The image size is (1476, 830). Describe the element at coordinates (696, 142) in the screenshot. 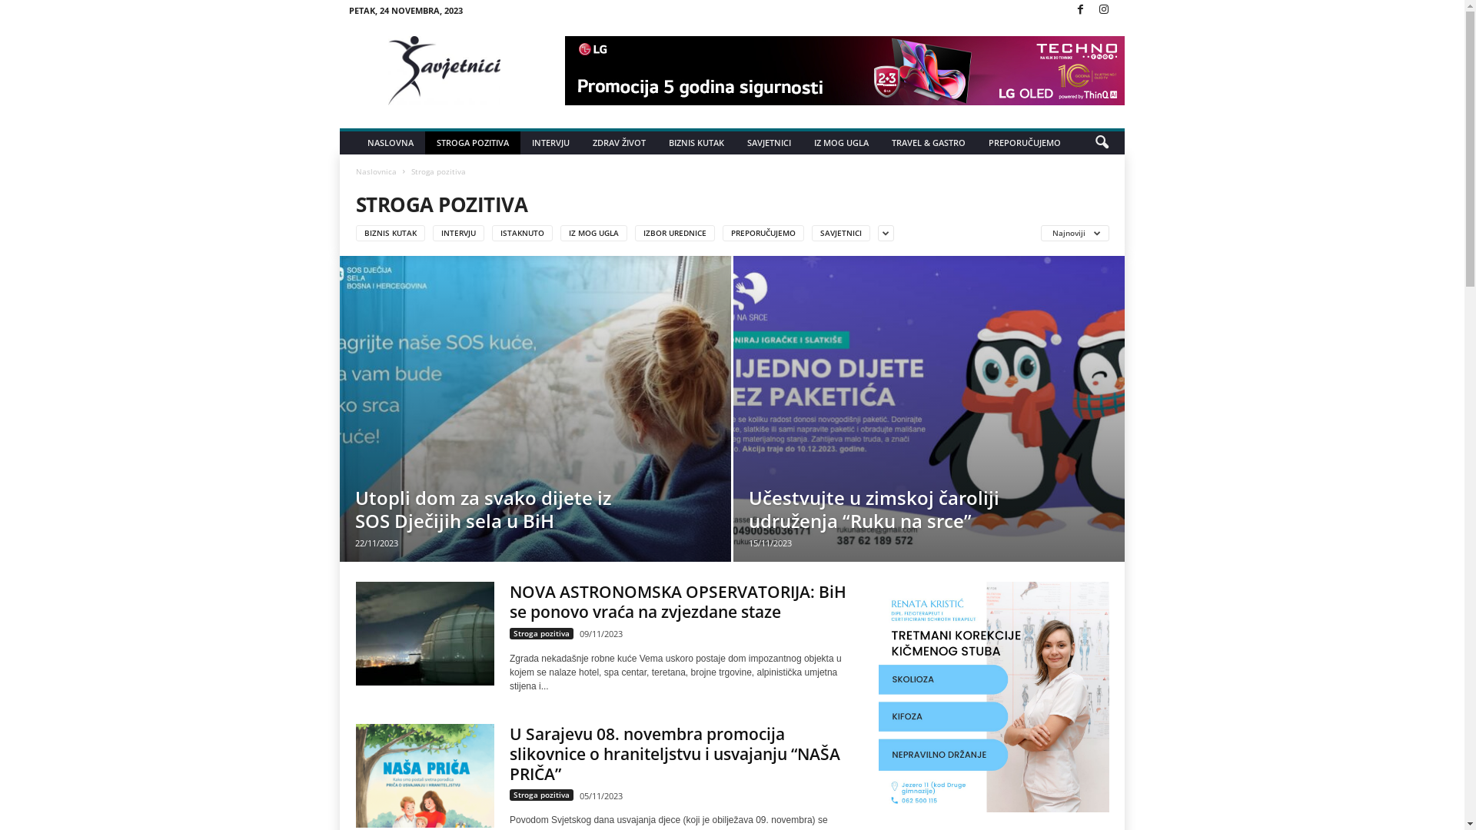

I see `'BIZNIS KUTAK'` at that location.